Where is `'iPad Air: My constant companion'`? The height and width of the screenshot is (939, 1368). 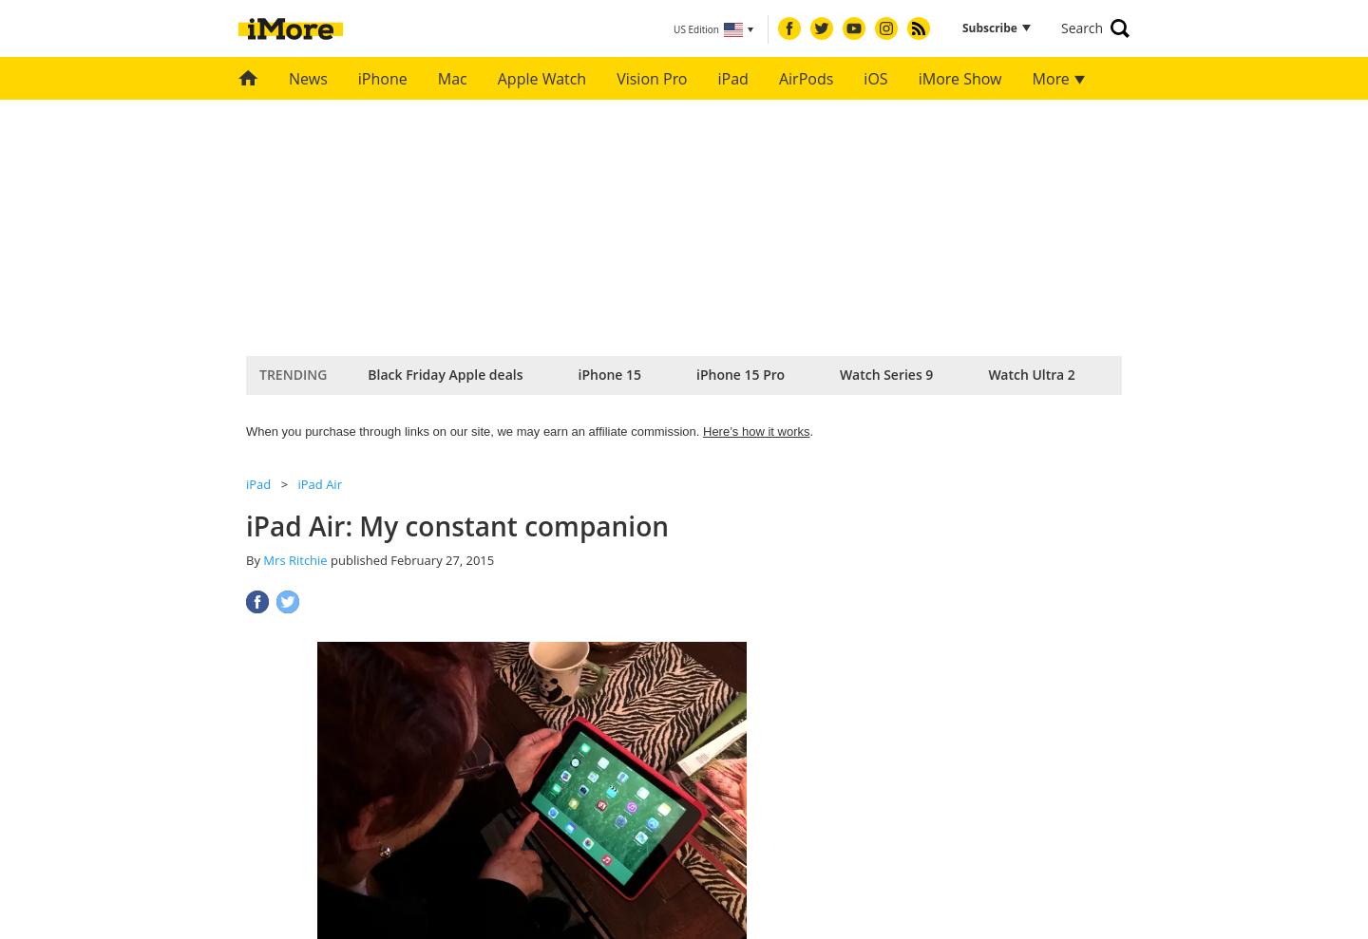
'iPad Air: My constant companion' is located at coordinates (456, 525).